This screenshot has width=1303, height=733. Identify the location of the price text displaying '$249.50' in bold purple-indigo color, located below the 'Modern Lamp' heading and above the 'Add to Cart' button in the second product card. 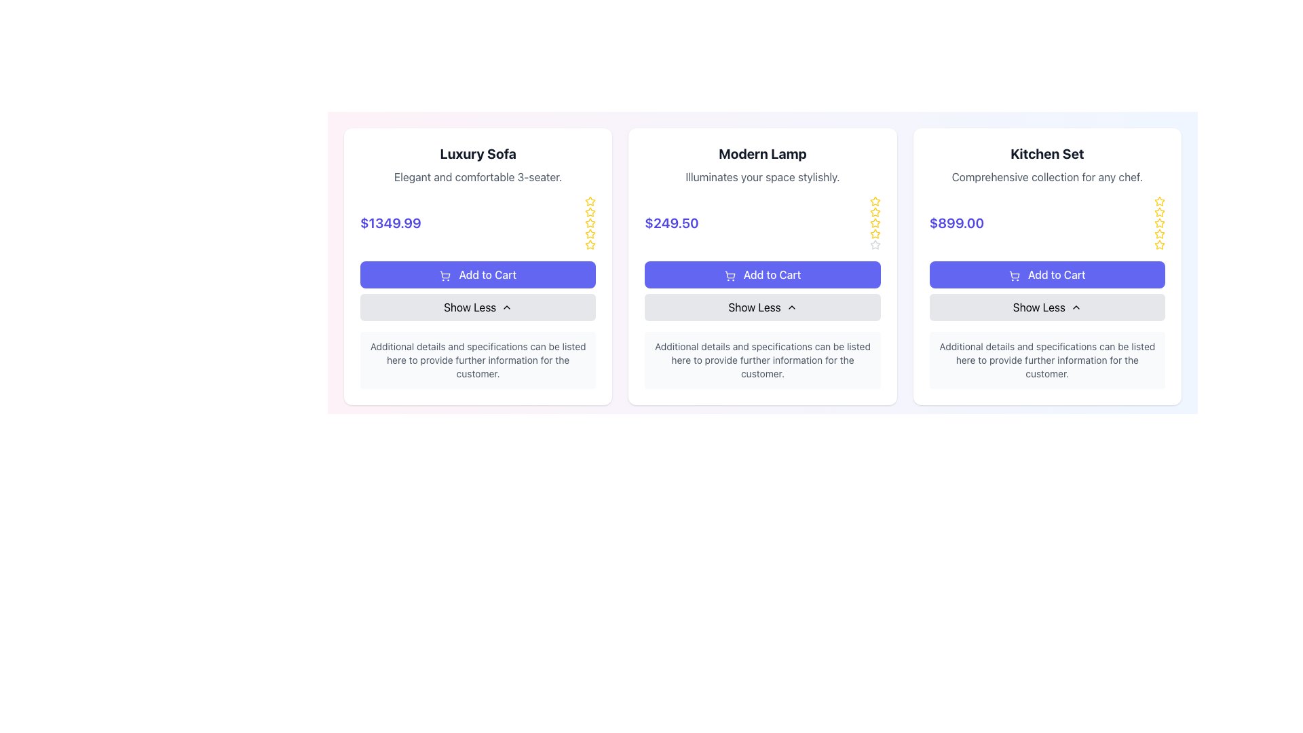
(672, 222).